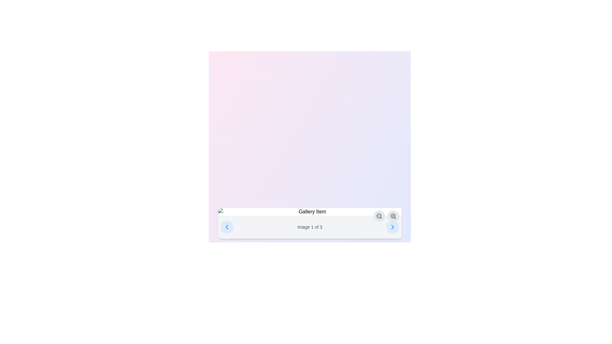 The width and height of the screenshot is (612, 344). I want to click on the small circle located within the magnifying-glass icon at the far-right end of the toolbar, which is part of the zoom feature in the UI, so click(393, 216).